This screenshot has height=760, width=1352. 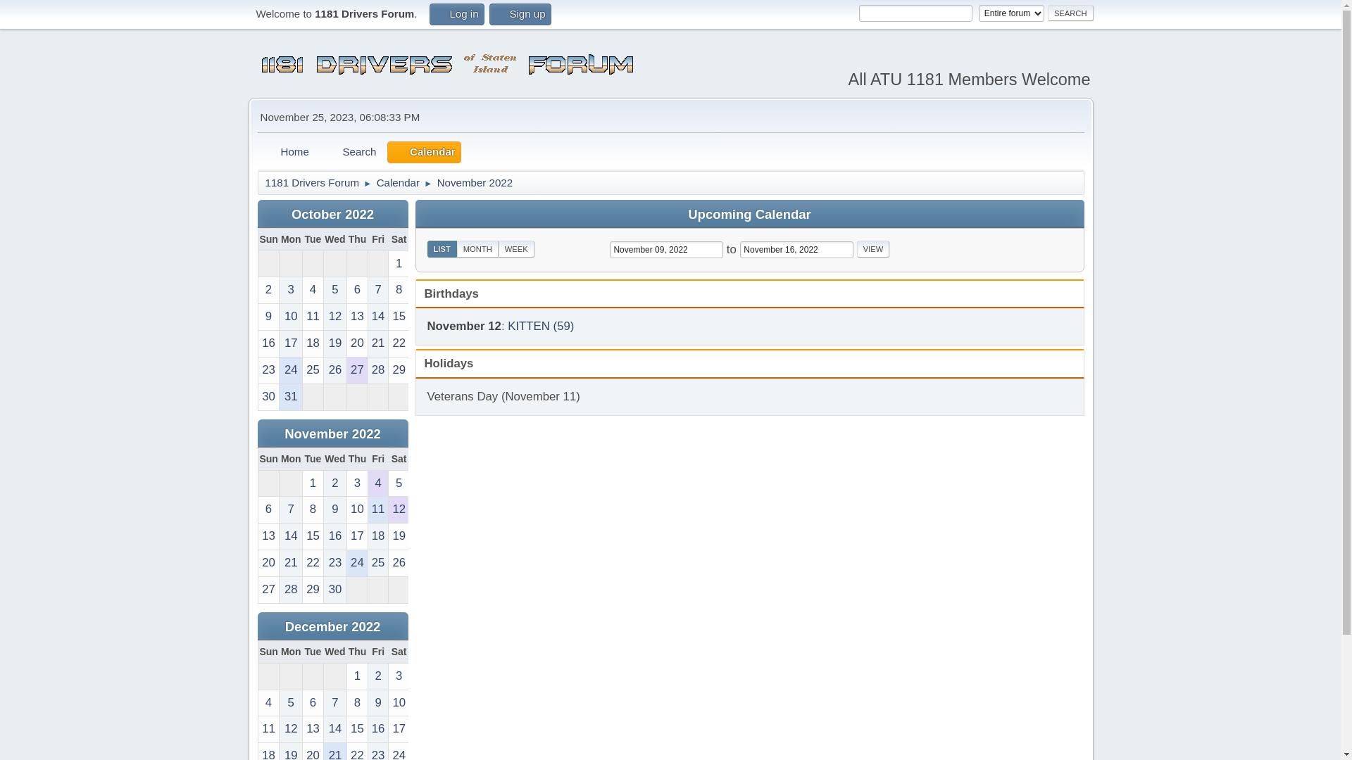 I want to click on '15', so click(x=312, y=536).